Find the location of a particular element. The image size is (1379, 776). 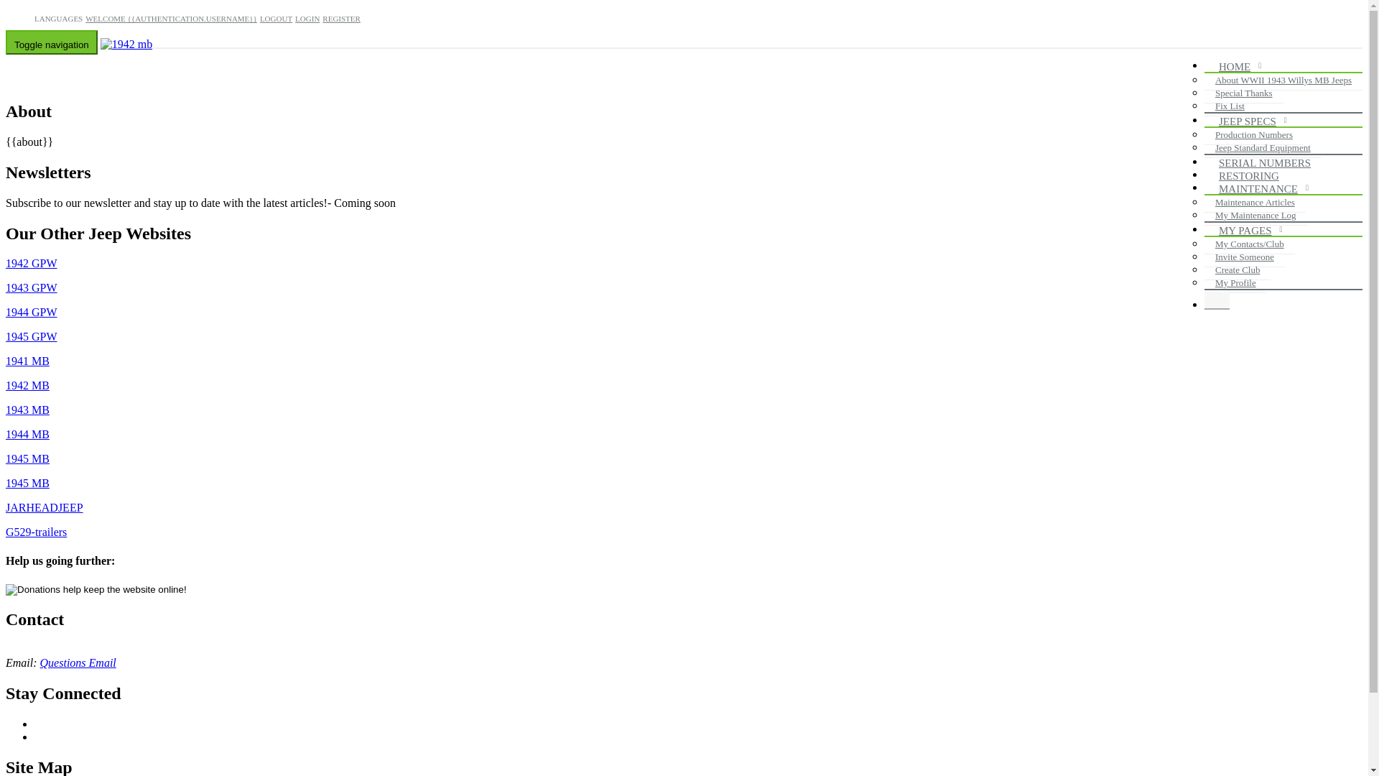

'REGISTER' is located at coordinates (322, 19).